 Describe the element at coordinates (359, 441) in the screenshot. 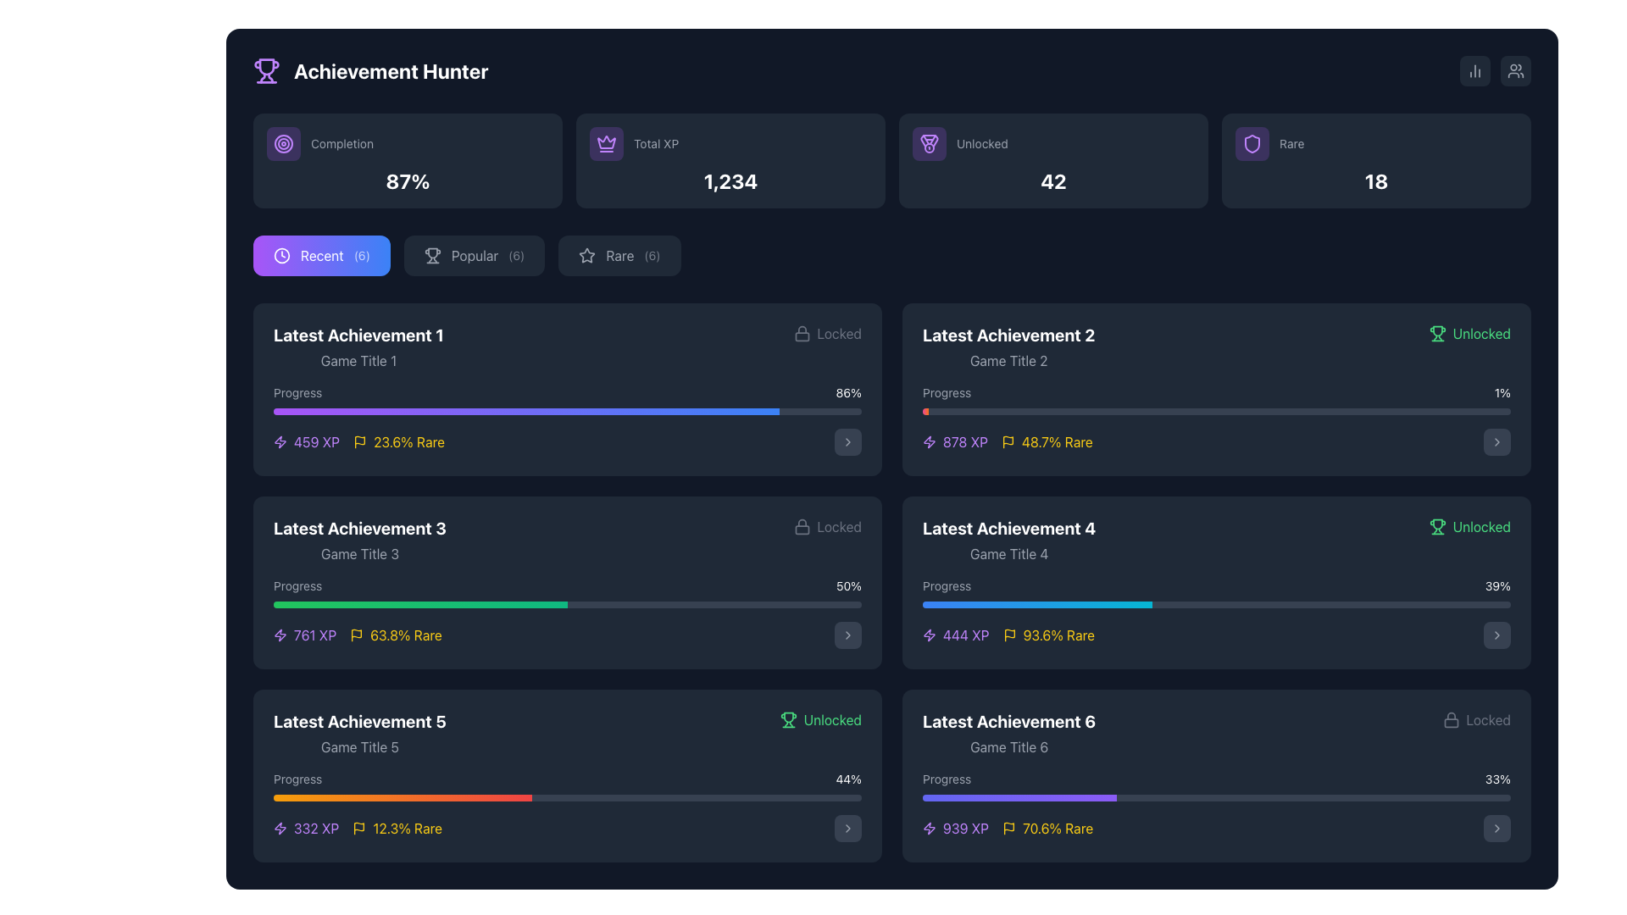

I see `the small yellowish flag icon located immediately to the left of the percentage text '23.6% Rare' under 'Latest Achievement 1'` at that location.